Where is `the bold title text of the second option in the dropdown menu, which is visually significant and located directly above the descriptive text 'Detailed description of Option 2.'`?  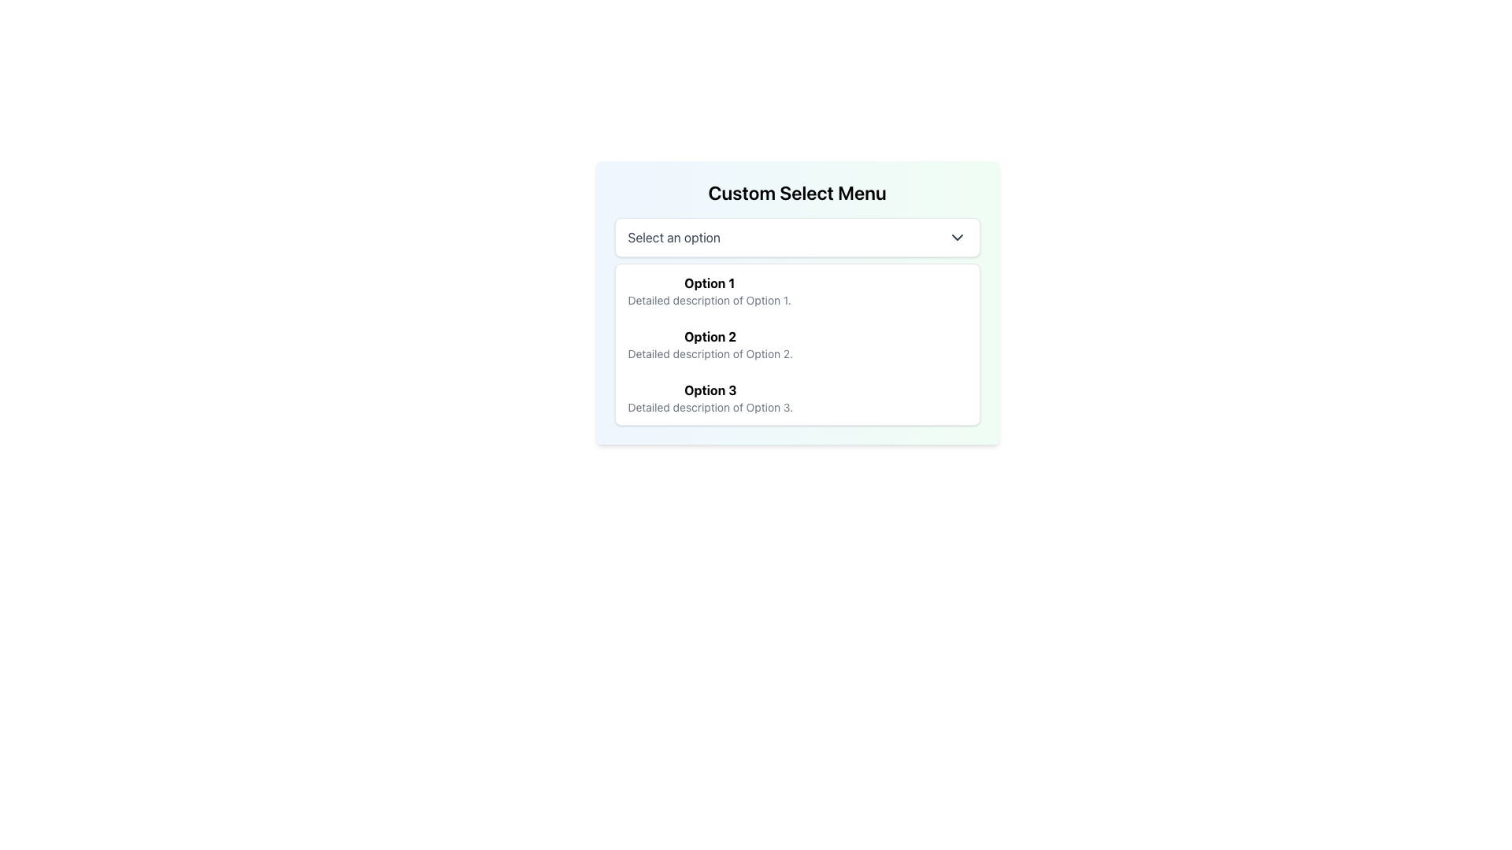
the bold title text of the second option in the dropdown menu, which is visually significant and located directly above the descriptive text 'Detailed description of Option 2.' is located at coordinates (710, 336).